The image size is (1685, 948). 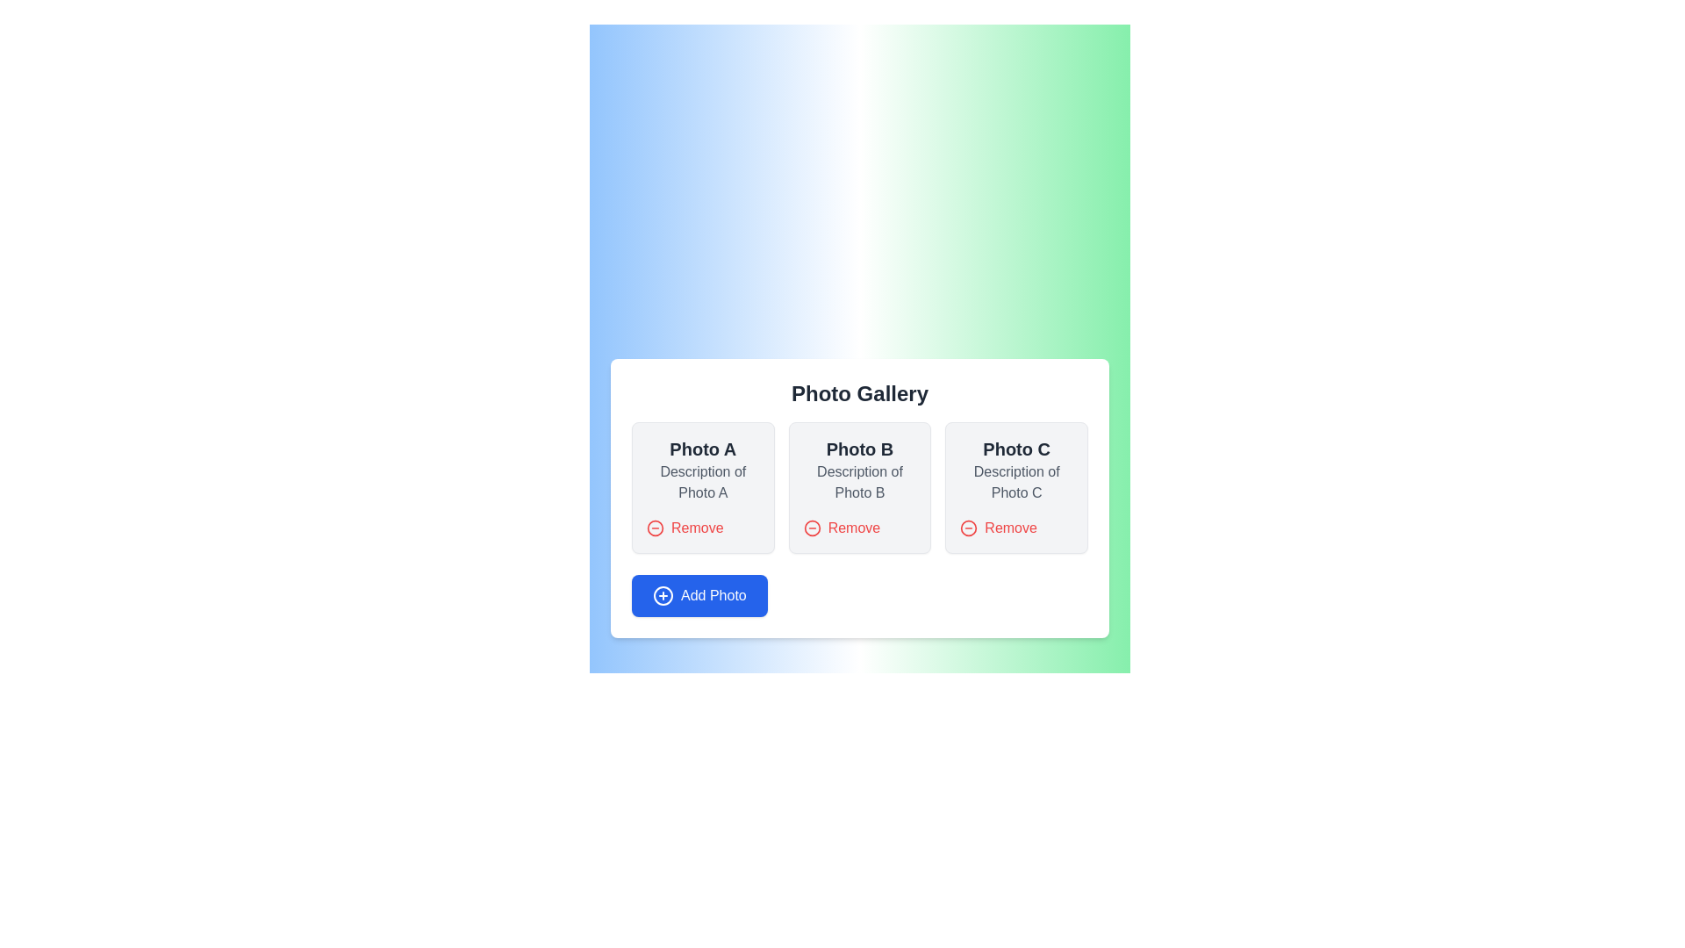 What do you see at coordinates (662, 594) in the screenshot?
I see `the graphical icon within the 'Add Photo' button located at the bottom left corner of the Photo Gallery interface` at bounding box center [662, 594].